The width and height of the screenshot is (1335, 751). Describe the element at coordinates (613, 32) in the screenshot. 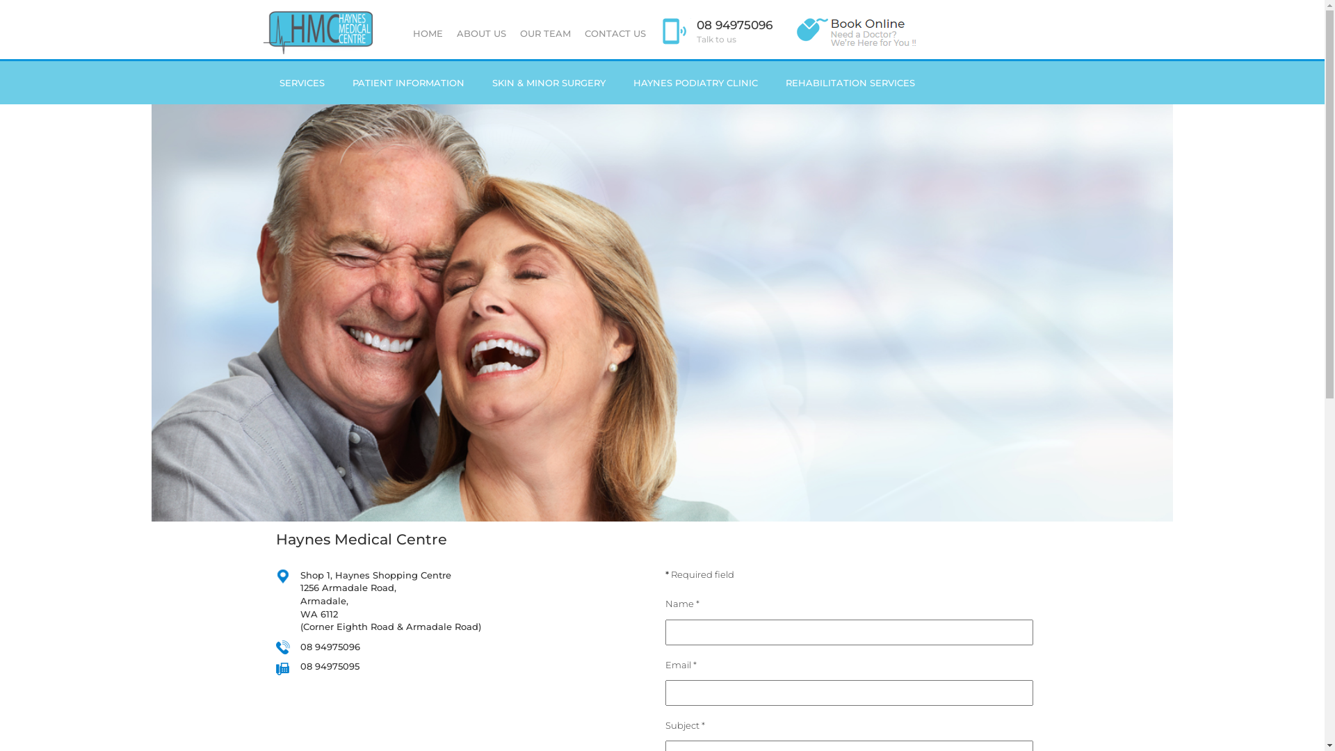

I see `'CONTACT US'` at that location.